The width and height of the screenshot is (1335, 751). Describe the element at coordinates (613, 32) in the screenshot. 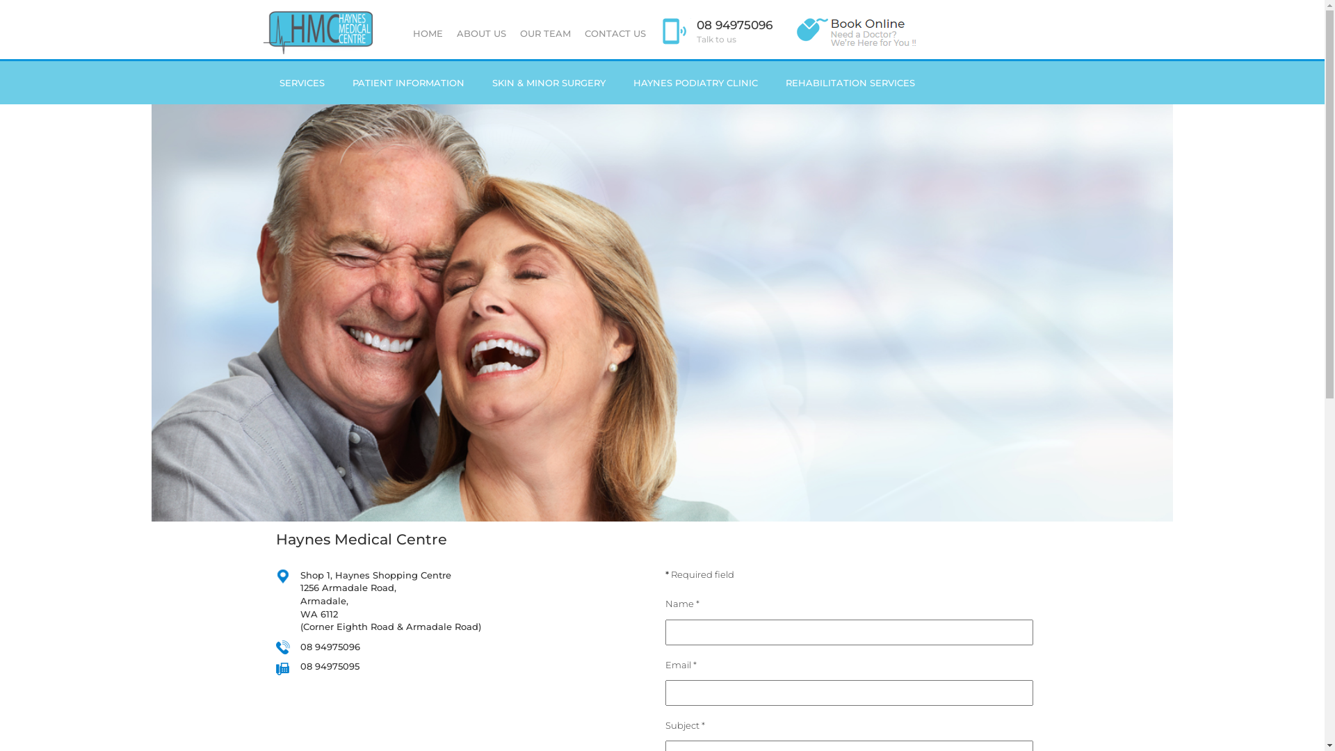

I see `'CONTACT US'` at that location.